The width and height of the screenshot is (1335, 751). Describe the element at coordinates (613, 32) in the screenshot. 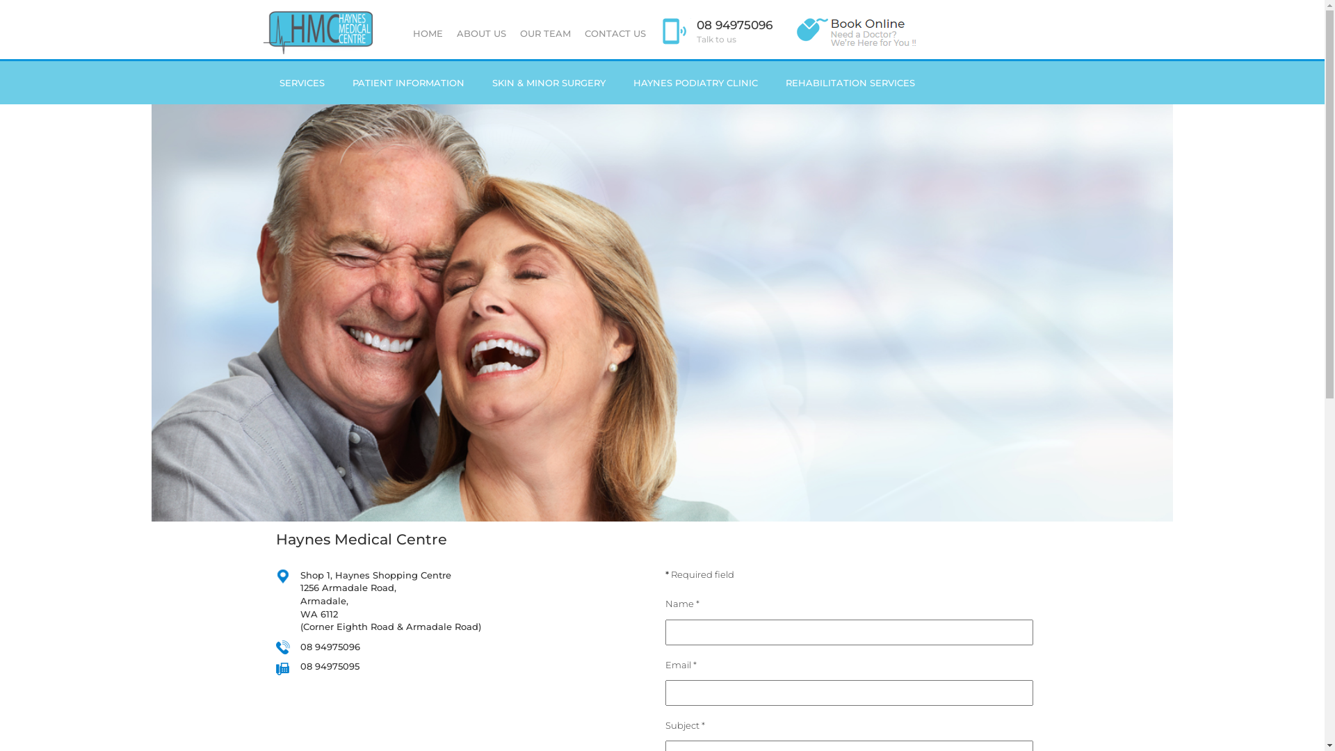

I see `'CONTACT US'` at that location.